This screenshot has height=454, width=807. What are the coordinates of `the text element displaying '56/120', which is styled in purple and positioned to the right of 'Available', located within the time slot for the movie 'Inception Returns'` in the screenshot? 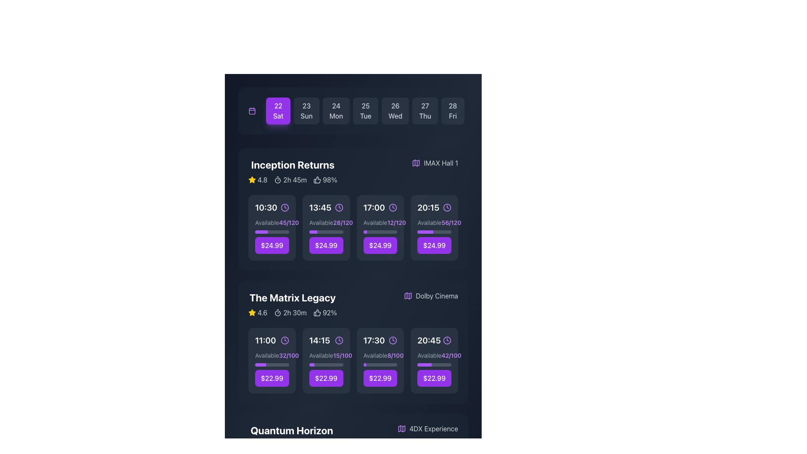 It's located at (451, 222).